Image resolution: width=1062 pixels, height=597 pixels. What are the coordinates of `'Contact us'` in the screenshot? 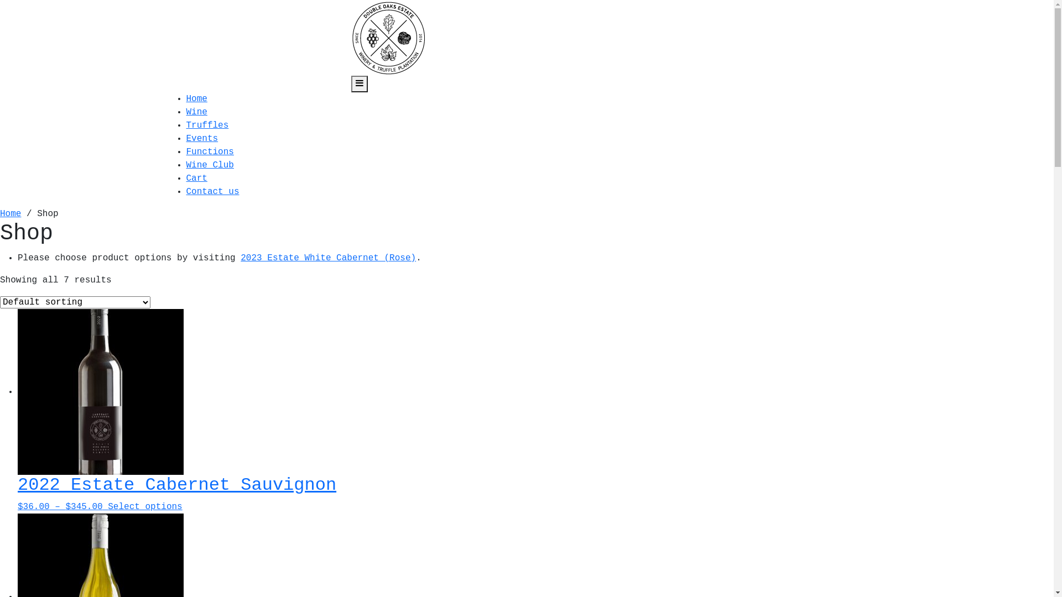 It's located at (186, 191).